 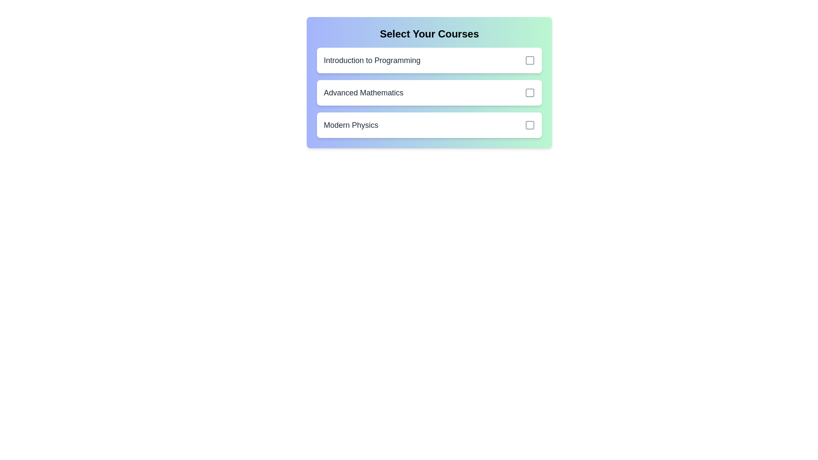 What do you see at coordinates (429, 34) in the screenshot?
I see `the heading text 'Select Your Courses' to select or highlight it` at bounding box center [429, 34].